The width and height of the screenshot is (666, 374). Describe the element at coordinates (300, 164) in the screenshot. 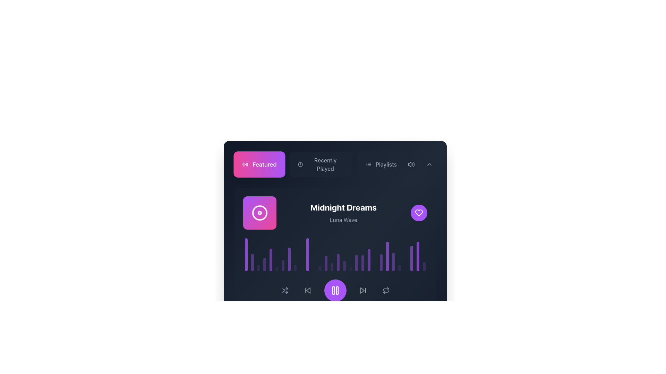

I see `the clock-like icon with a circular outline and two hands pointing in different directions, located within the 'Recently Played' button in the top navigation section` at that location.